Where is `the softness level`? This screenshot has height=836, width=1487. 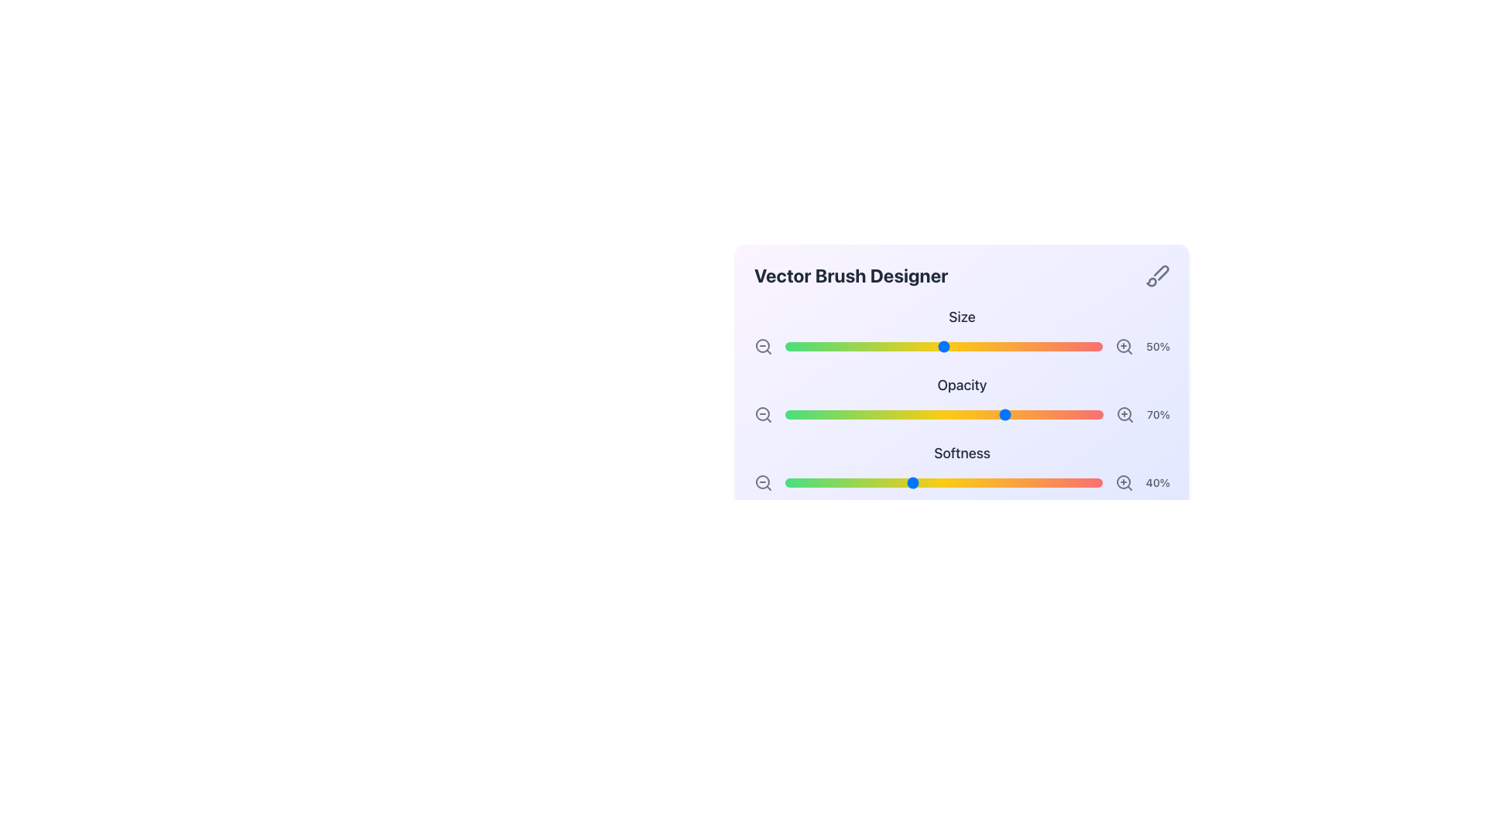
the softness level is located at coordinates (1073, 482).